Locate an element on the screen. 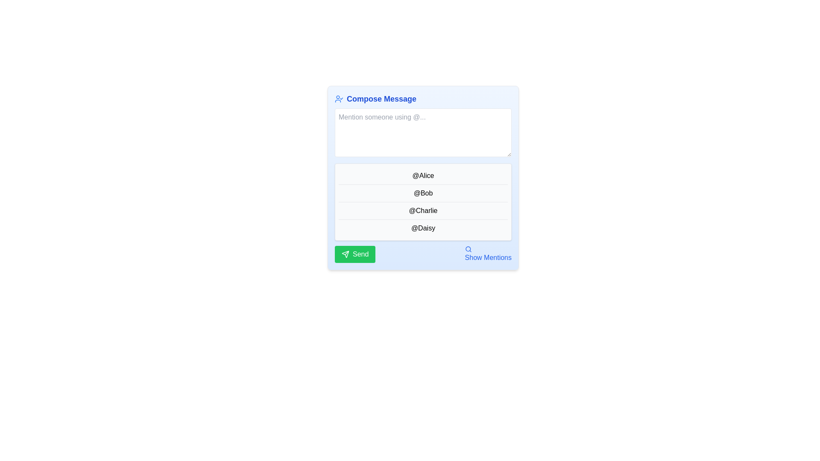 This screenshot has width=820, height=461. the send icon, which is a small triangular icon resembling a paper airplane located within the green 'Send' button at the bottom left of the compose message interface is located at coordinates (346, 254).